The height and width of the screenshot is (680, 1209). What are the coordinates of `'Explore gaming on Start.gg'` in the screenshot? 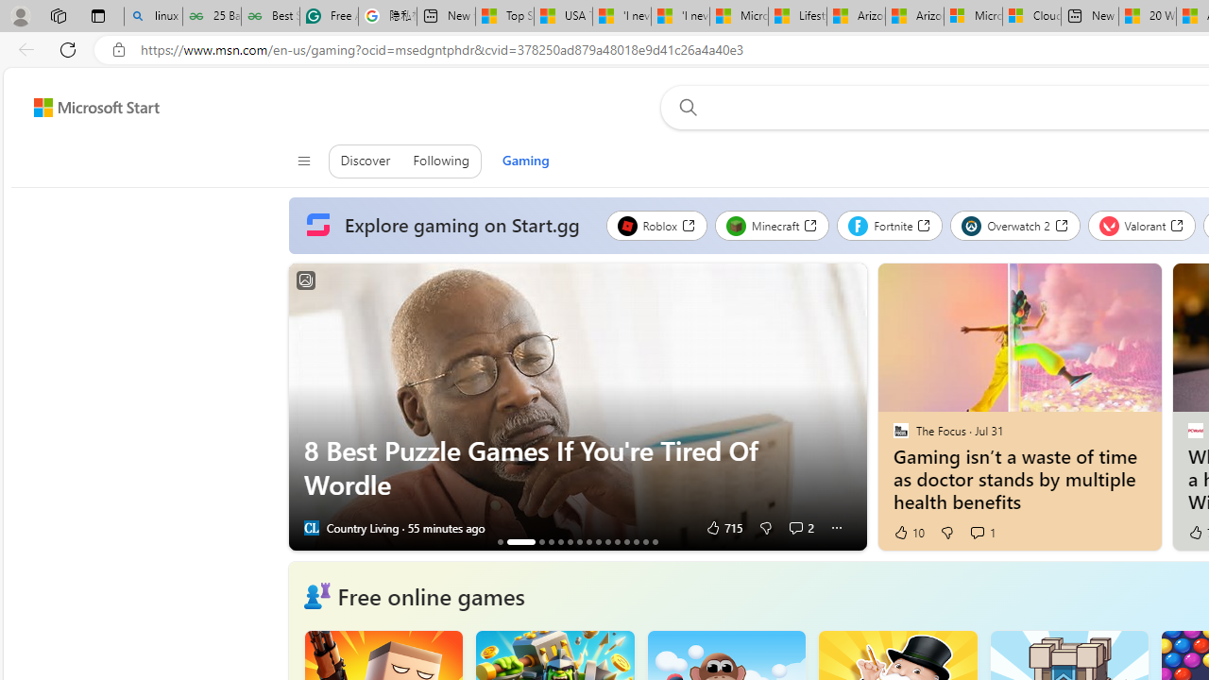 It's located at (446, 225).